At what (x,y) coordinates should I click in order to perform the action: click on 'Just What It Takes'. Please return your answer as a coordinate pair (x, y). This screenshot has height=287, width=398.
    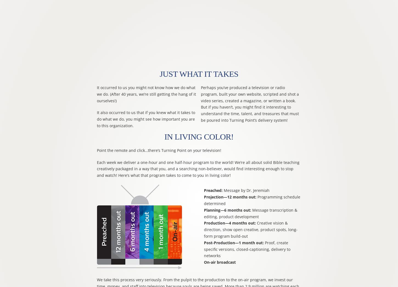
    Looking at the image, I should click on (198, 73).